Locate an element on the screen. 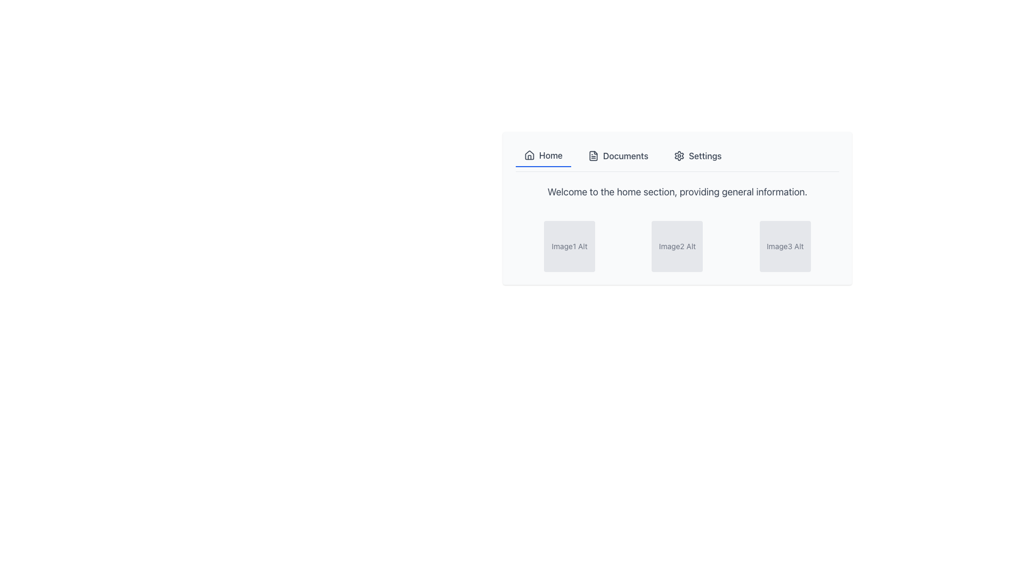  the 'Settings' icon located in the navigation interface, positioned to the right of 'Home' and 'Documents' with the text label 'Settings' below it is located at coordinates (678, 156).